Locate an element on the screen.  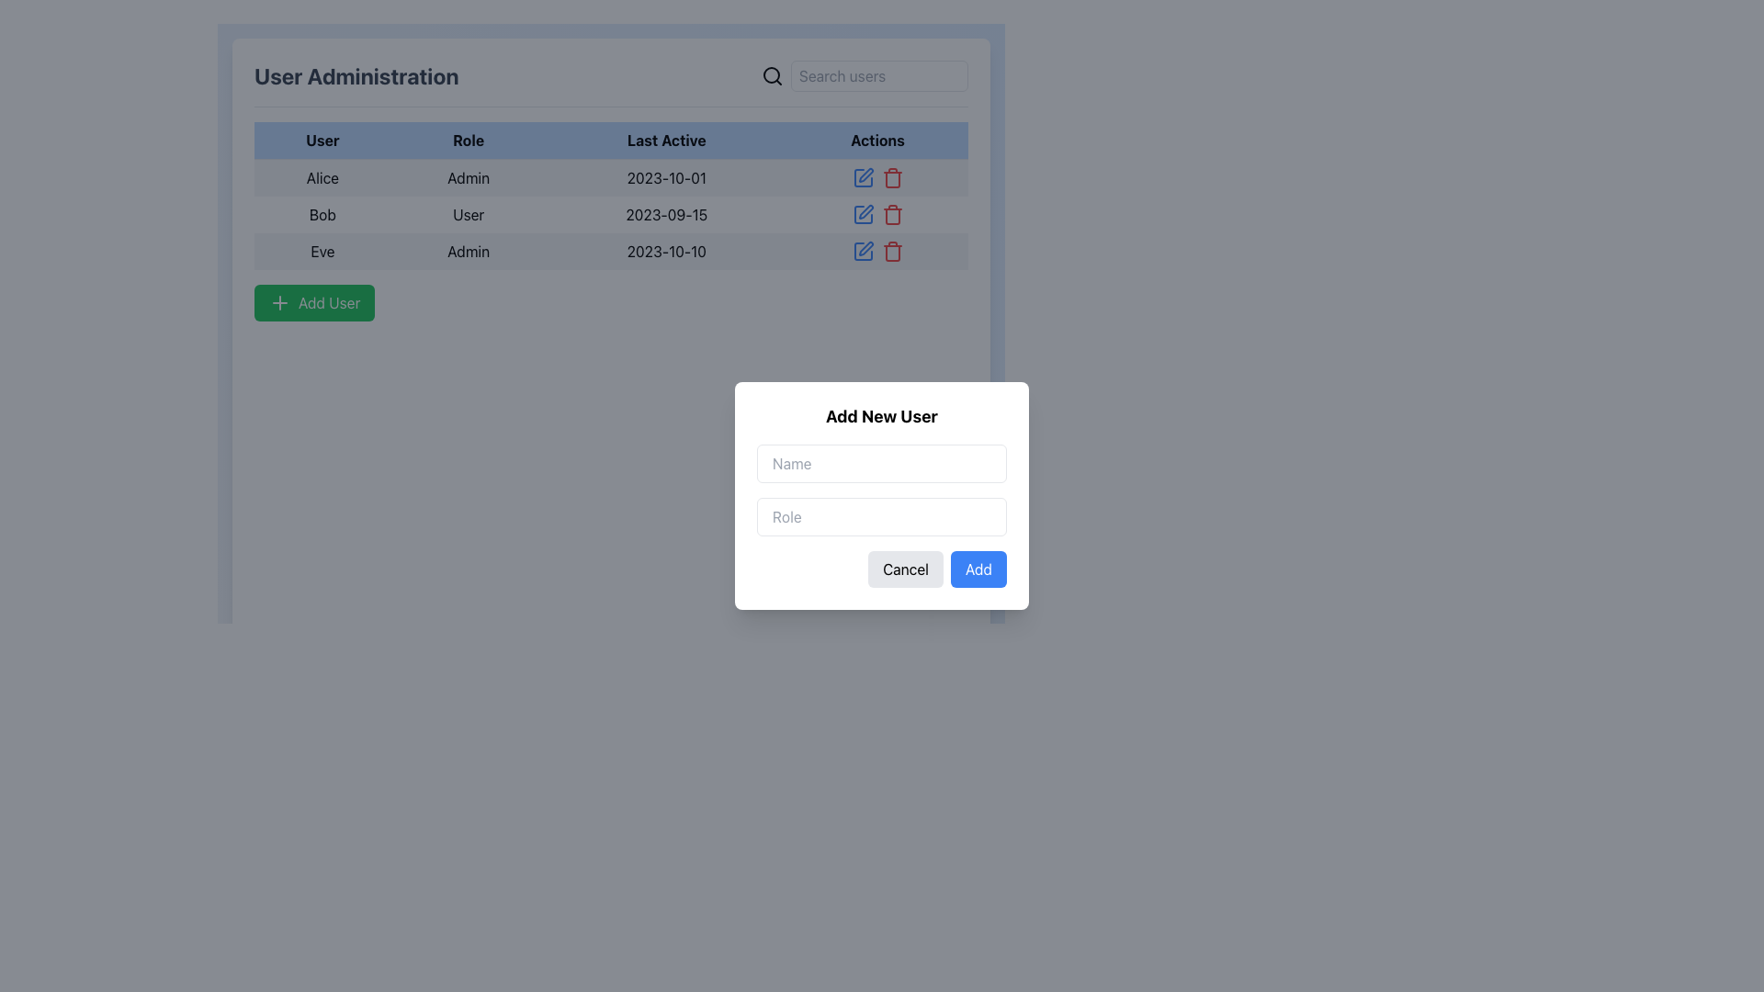
the edit button in the 'Actions' column of the user information table, specifically the first button in the third row for user 'Eve' is located at coordinates (862, 251).